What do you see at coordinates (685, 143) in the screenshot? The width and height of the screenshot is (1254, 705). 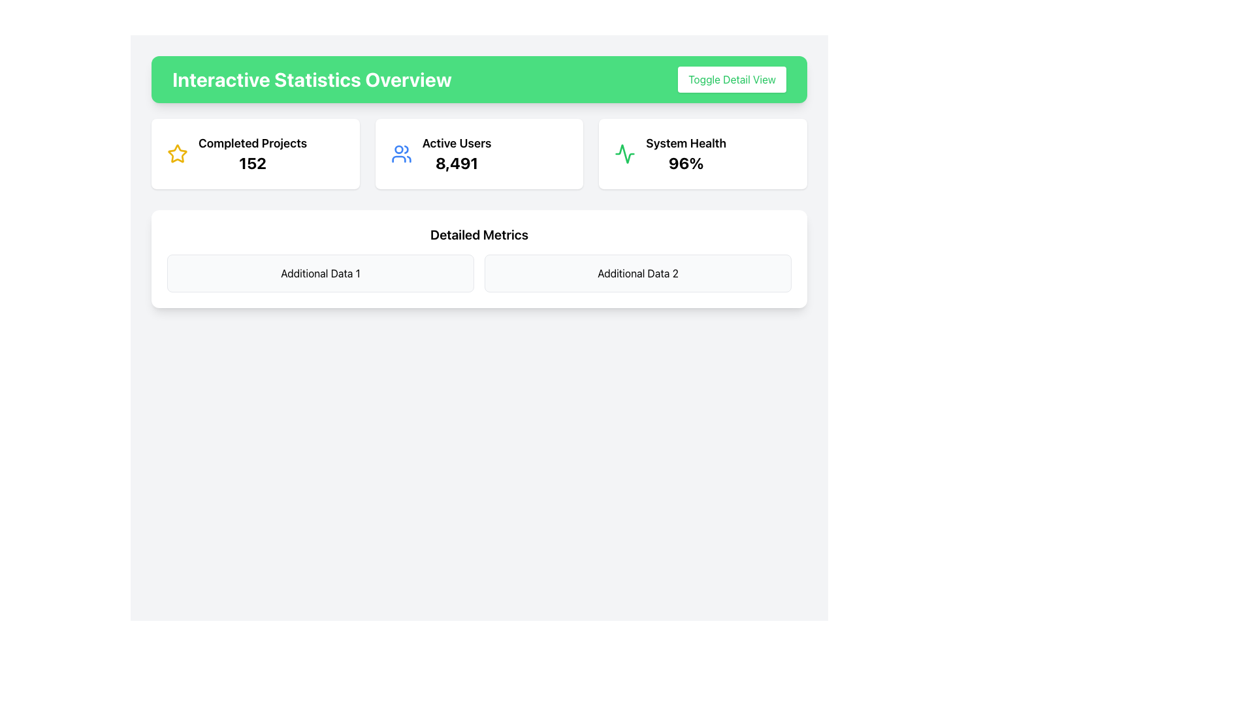 I see `the health status metric label located in the upper right portion of the interface, which is the third item after 'Completed Projects' and 'Active Users'` at bounding box center [685, 143].